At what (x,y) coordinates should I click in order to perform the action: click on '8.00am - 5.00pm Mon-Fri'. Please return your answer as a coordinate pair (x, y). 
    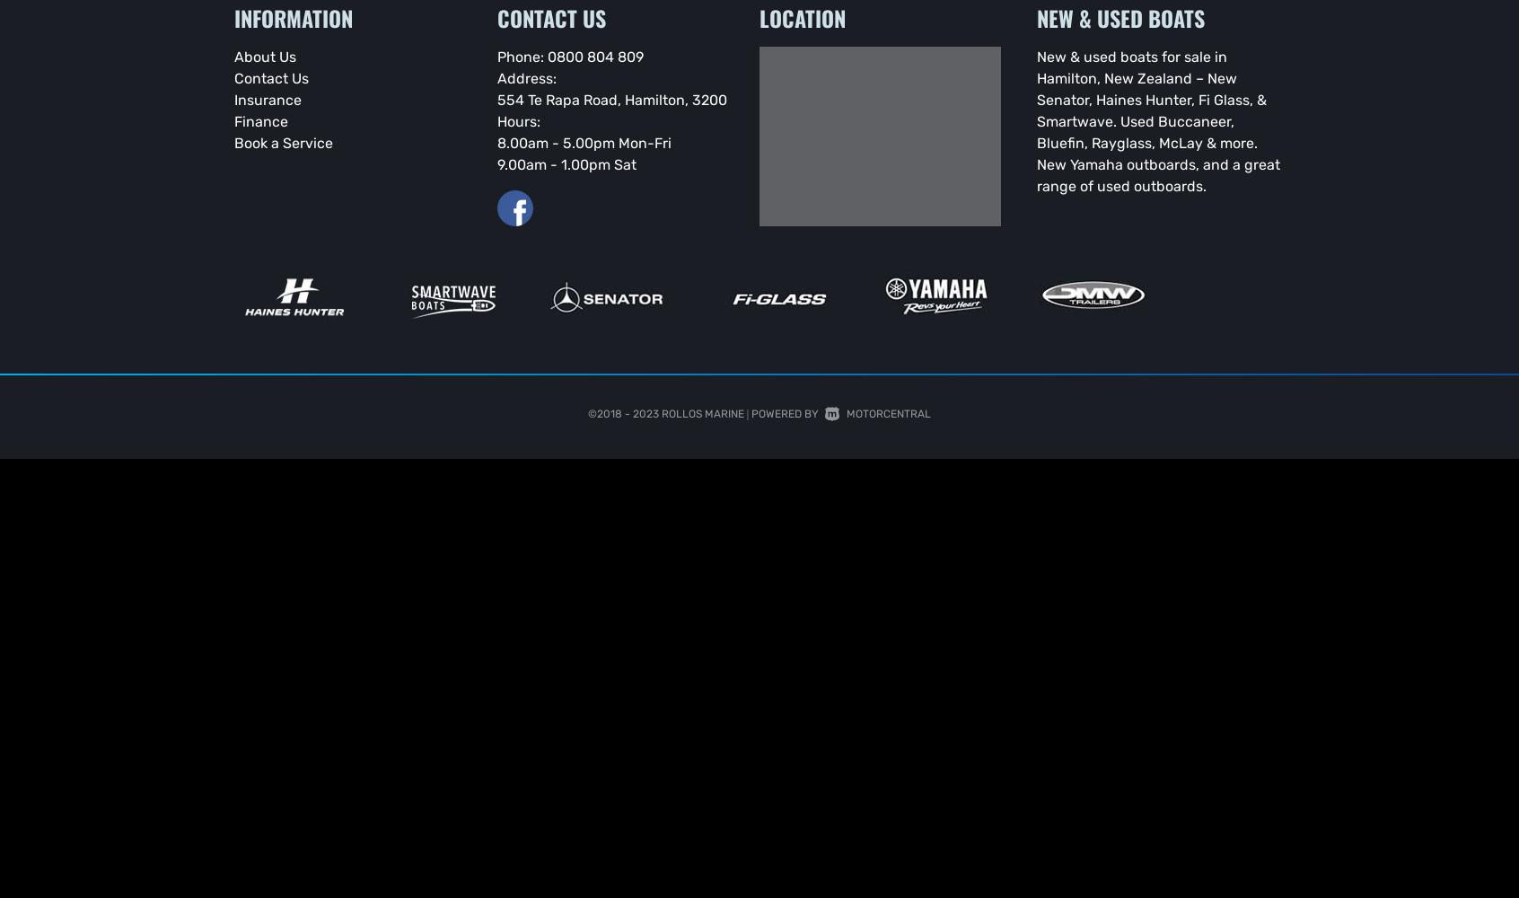
    Looking at the image, I should click on (584, 142).